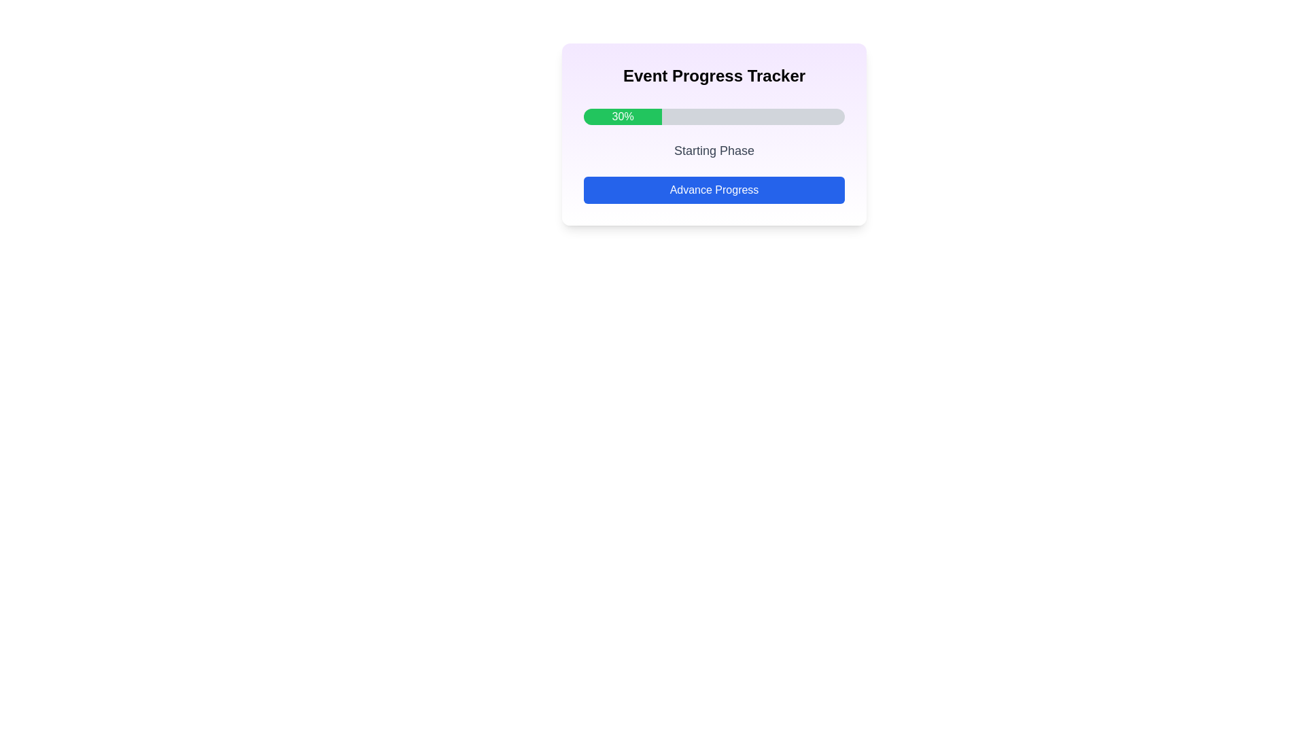  Describe the element at coordinates (622, 116) in the screenshot. I see `the bright green rectangular Progress Bar Segment displaying '30%' in bold white font, which is part of the Event Progress Tracker layout` at that location.